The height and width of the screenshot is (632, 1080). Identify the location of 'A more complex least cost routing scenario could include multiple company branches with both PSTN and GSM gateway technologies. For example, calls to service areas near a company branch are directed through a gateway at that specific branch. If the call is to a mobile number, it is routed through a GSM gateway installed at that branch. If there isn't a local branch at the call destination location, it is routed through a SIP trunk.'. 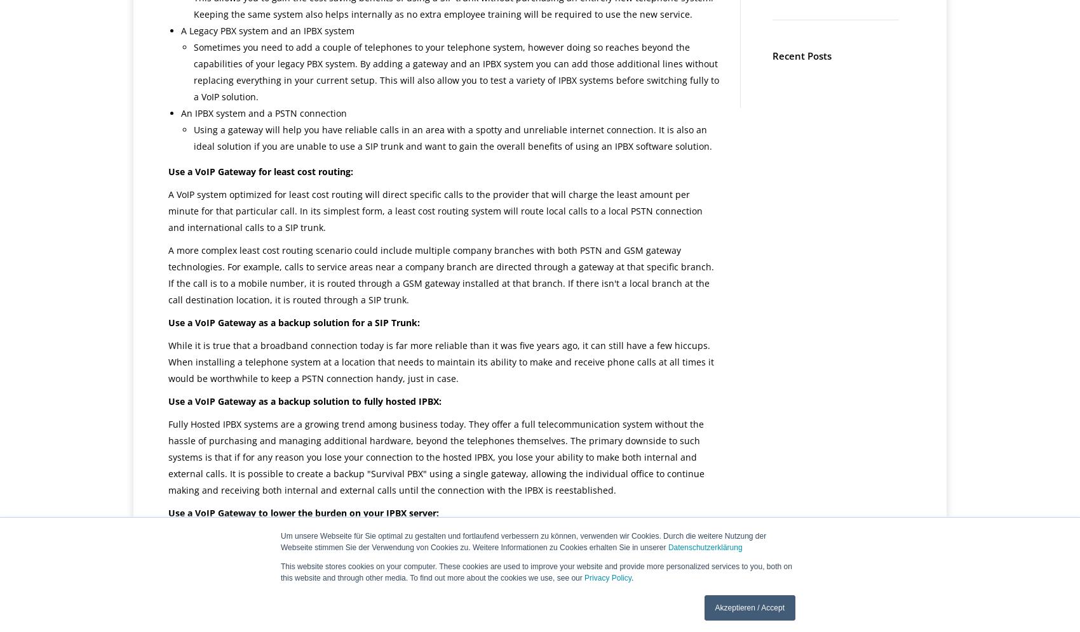
(441, 275).